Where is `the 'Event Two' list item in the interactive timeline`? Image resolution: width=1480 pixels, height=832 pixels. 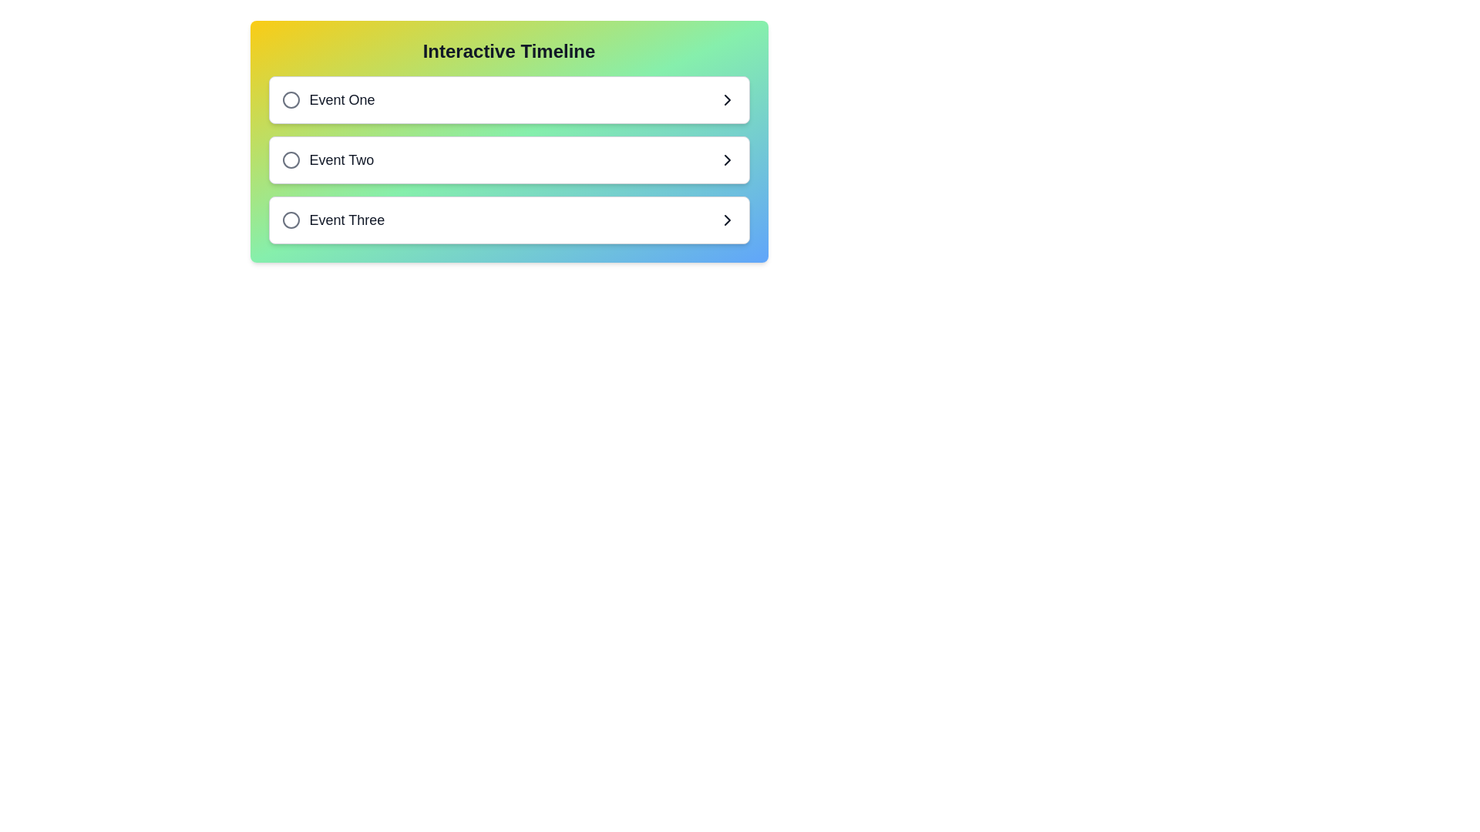
the 'Event Two' list item in the interactive timeline is located at coordinates (327, 160).